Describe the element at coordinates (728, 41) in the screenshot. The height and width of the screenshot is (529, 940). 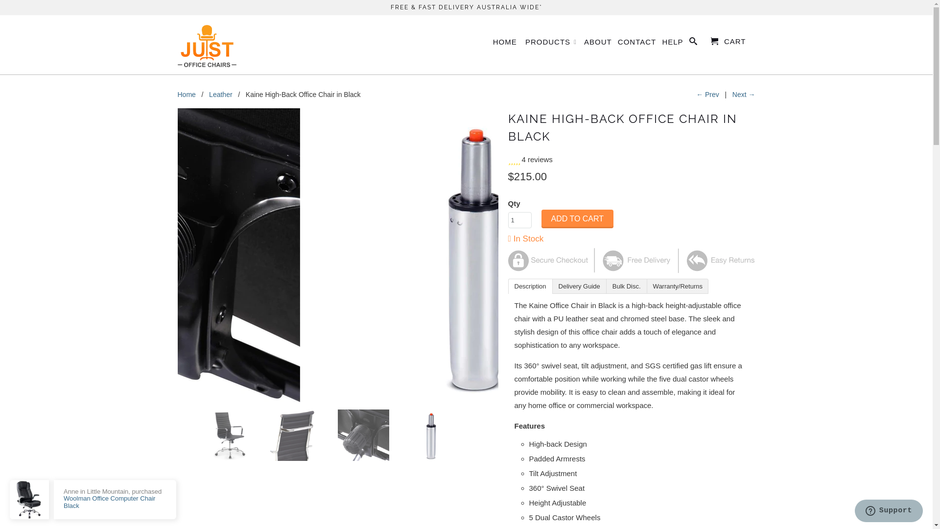
I see `'CART'` at that location.